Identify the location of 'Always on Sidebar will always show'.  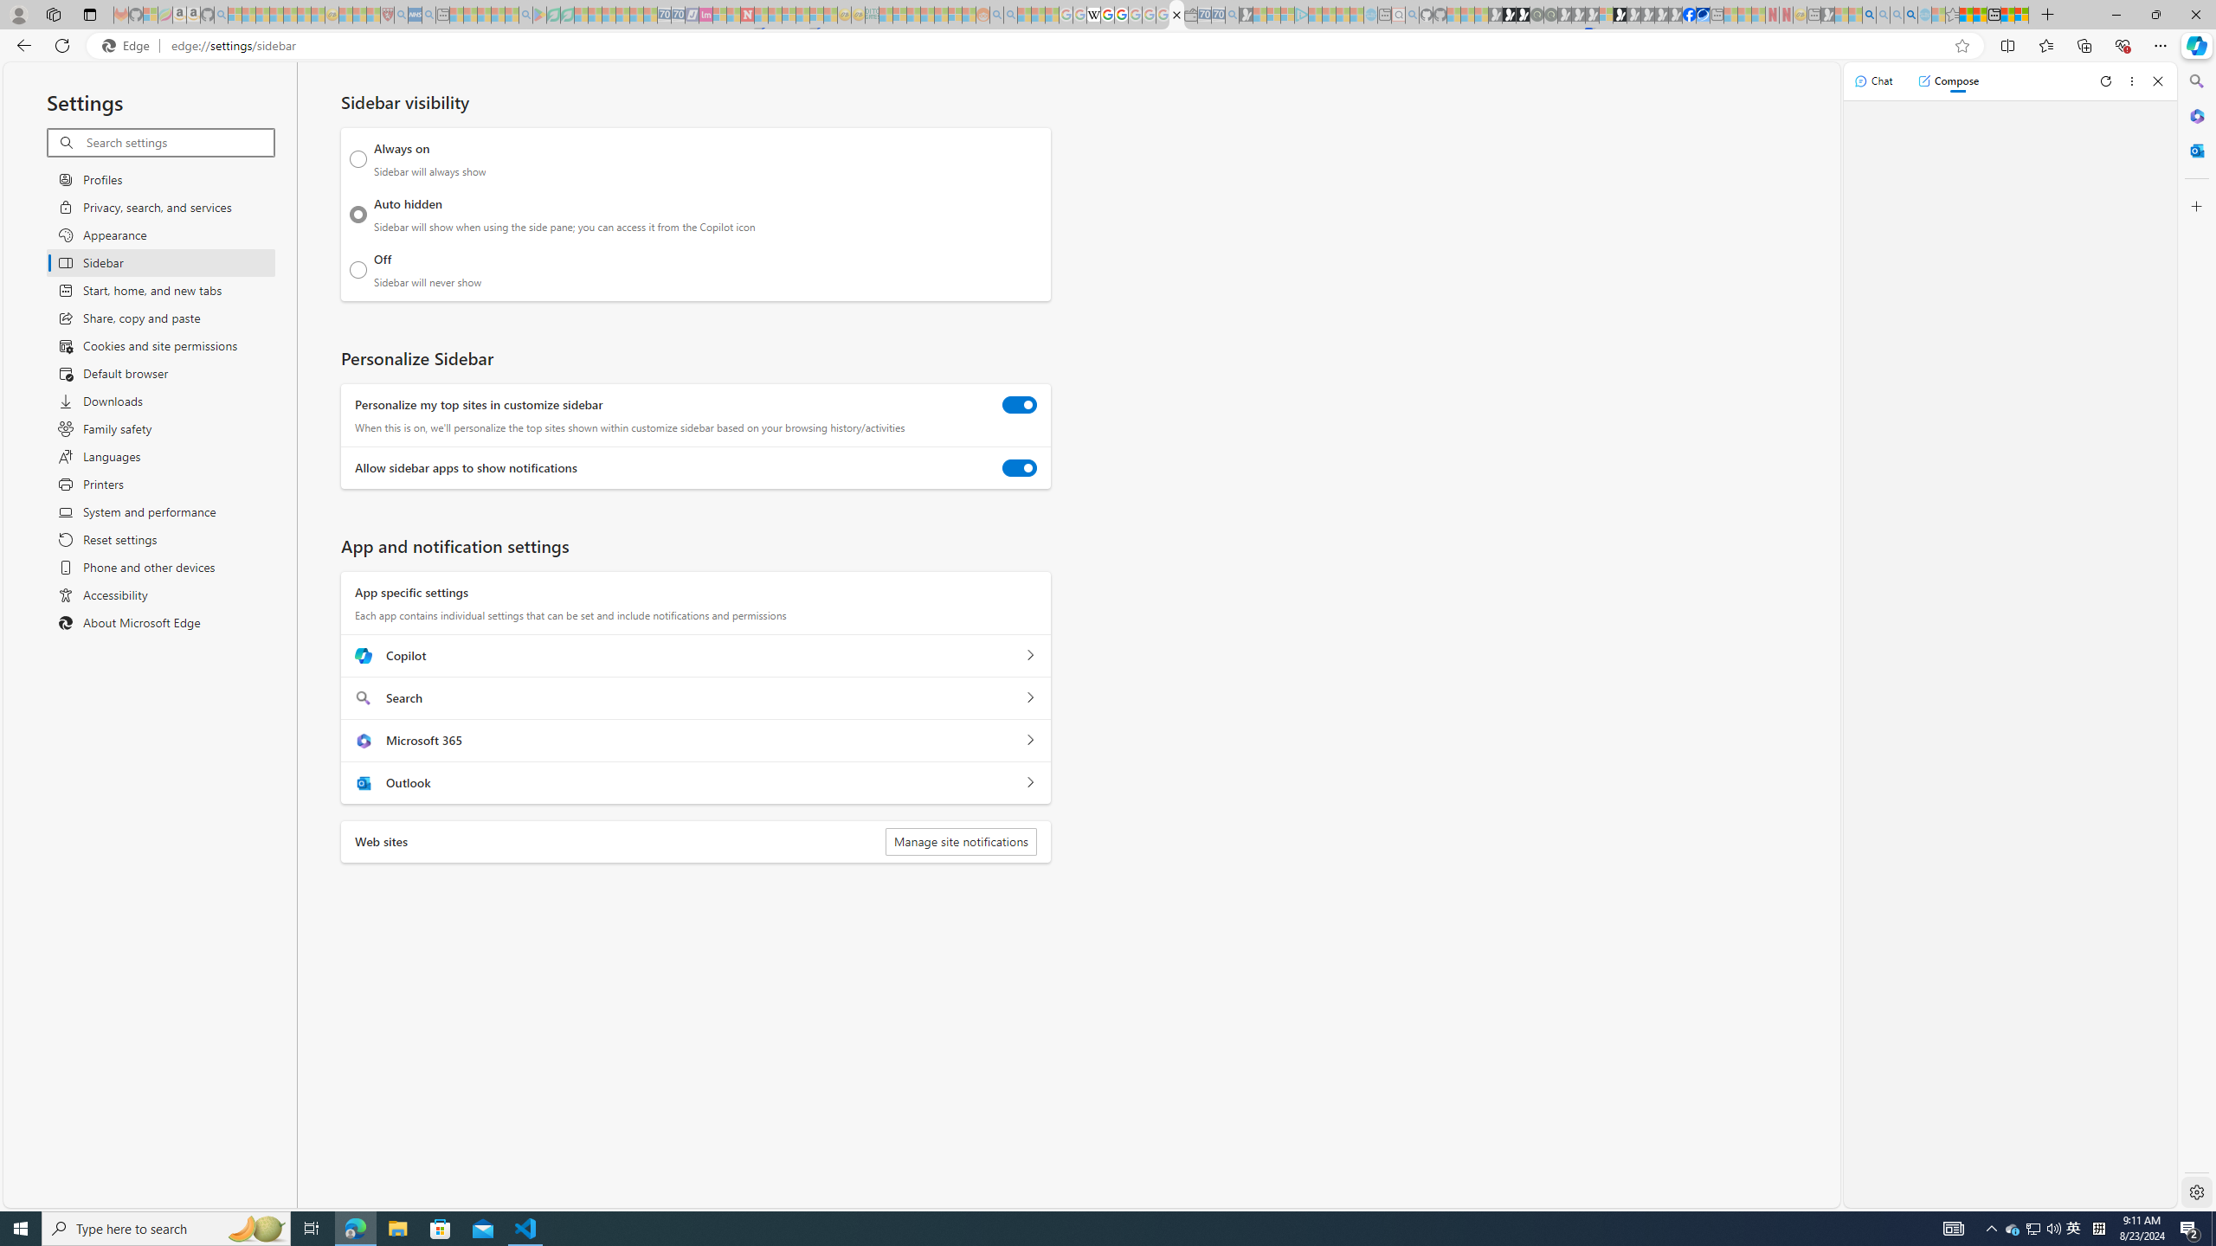
(358, 158).